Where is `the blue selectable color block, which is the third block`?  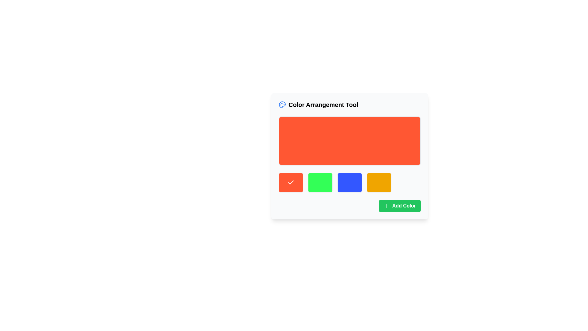
the blue selectable color block, which is the third block is located at coordinates (350, 182).